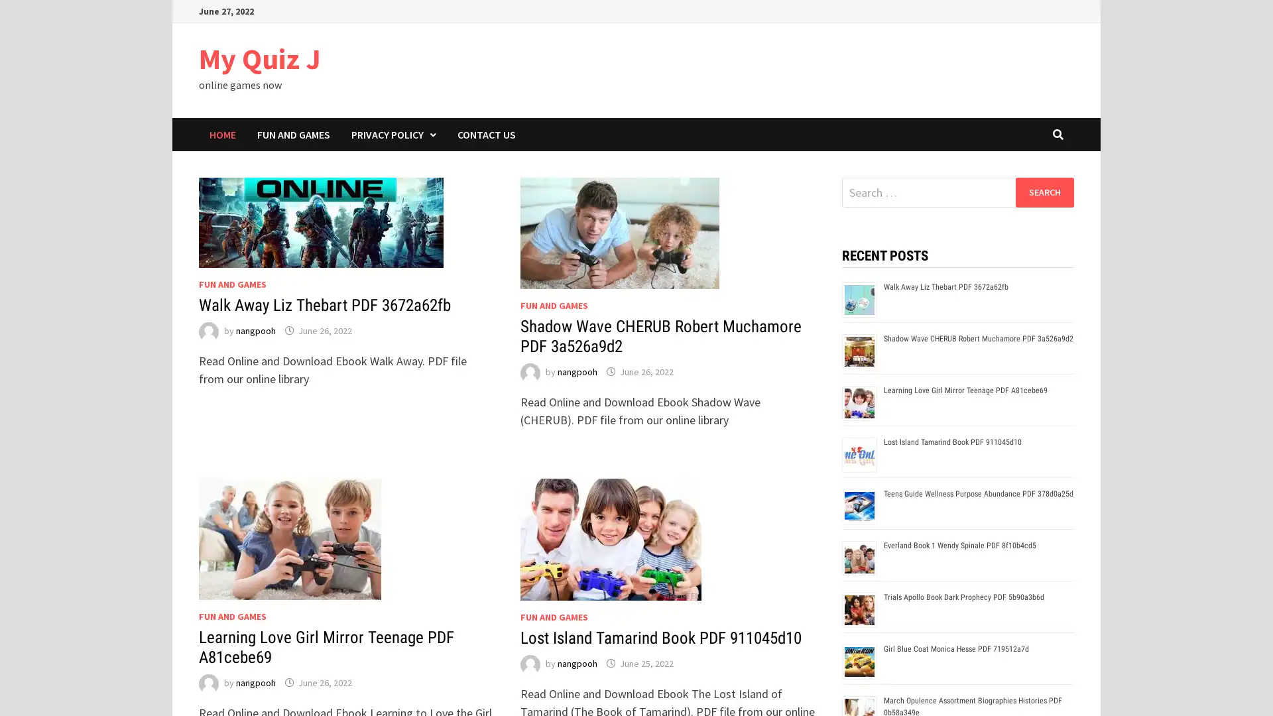 The width and height of the screenshot is (1273, 716). I want to click on Search, so click(1044, 192).